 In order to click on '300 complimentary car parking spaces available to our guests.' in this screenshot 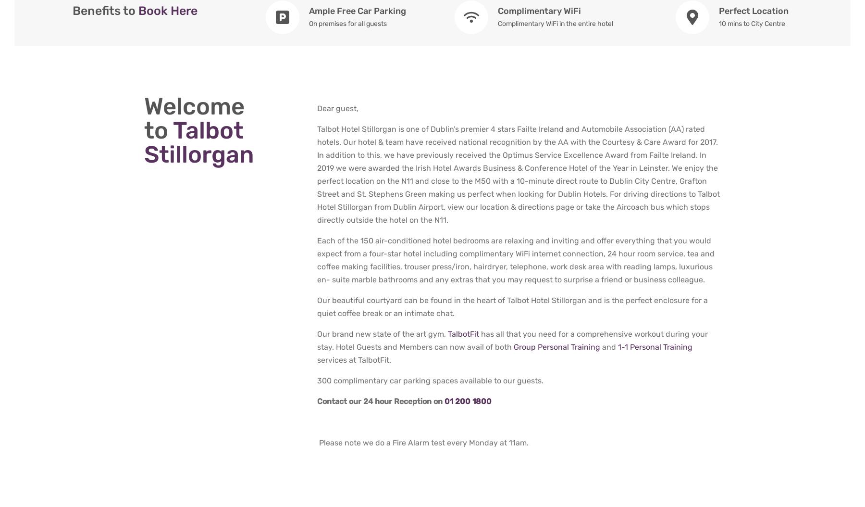, I will do `click(430, 380)`.